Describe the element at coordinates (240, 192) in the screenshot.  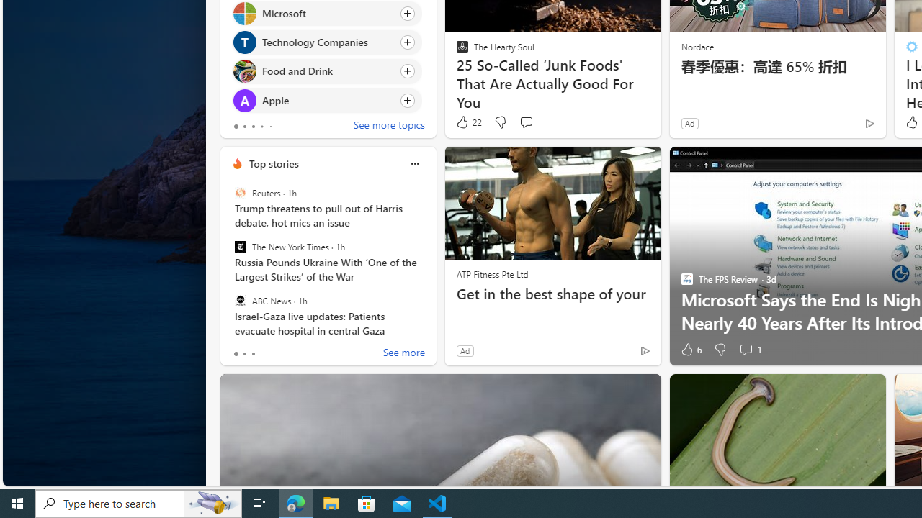
I see `'Reuters'` at that location.